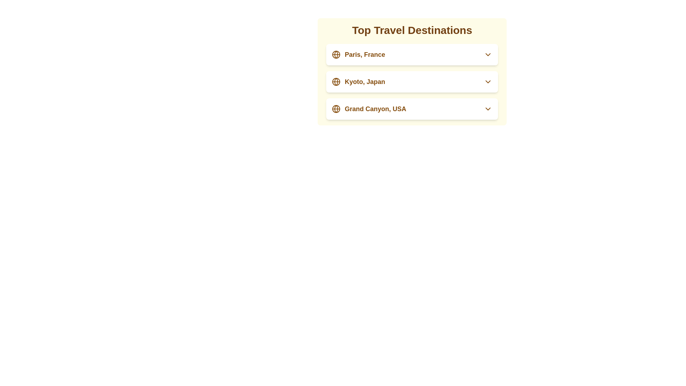 This screenshot has width=686, height=386. Describe the element at coordinates (412, 81) in the screenshot. I see `the middle item in the list labeled 'Kyoto, Japan'` at that location.